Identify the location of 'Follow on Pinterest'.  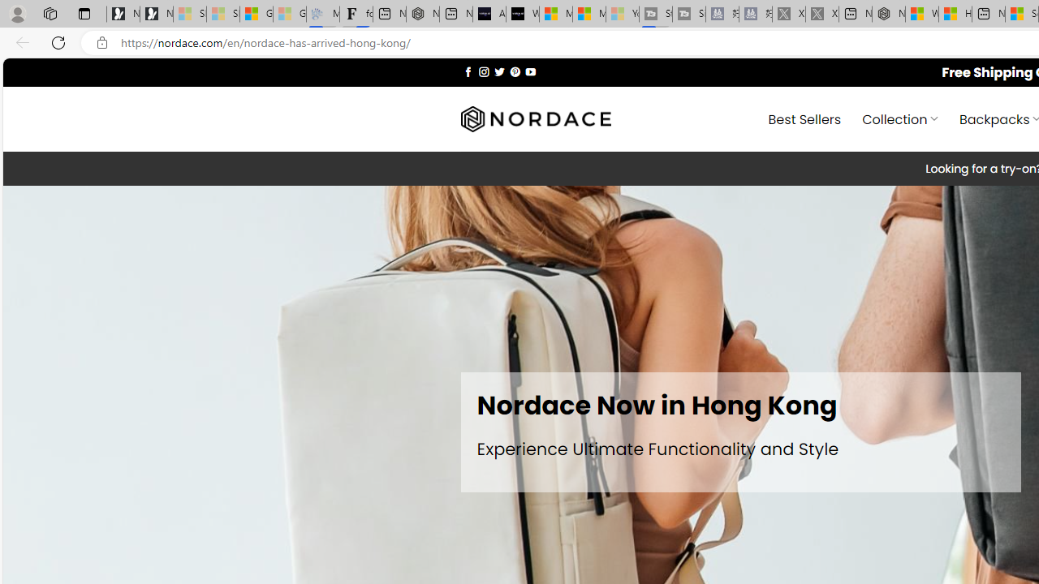
(514, 71).